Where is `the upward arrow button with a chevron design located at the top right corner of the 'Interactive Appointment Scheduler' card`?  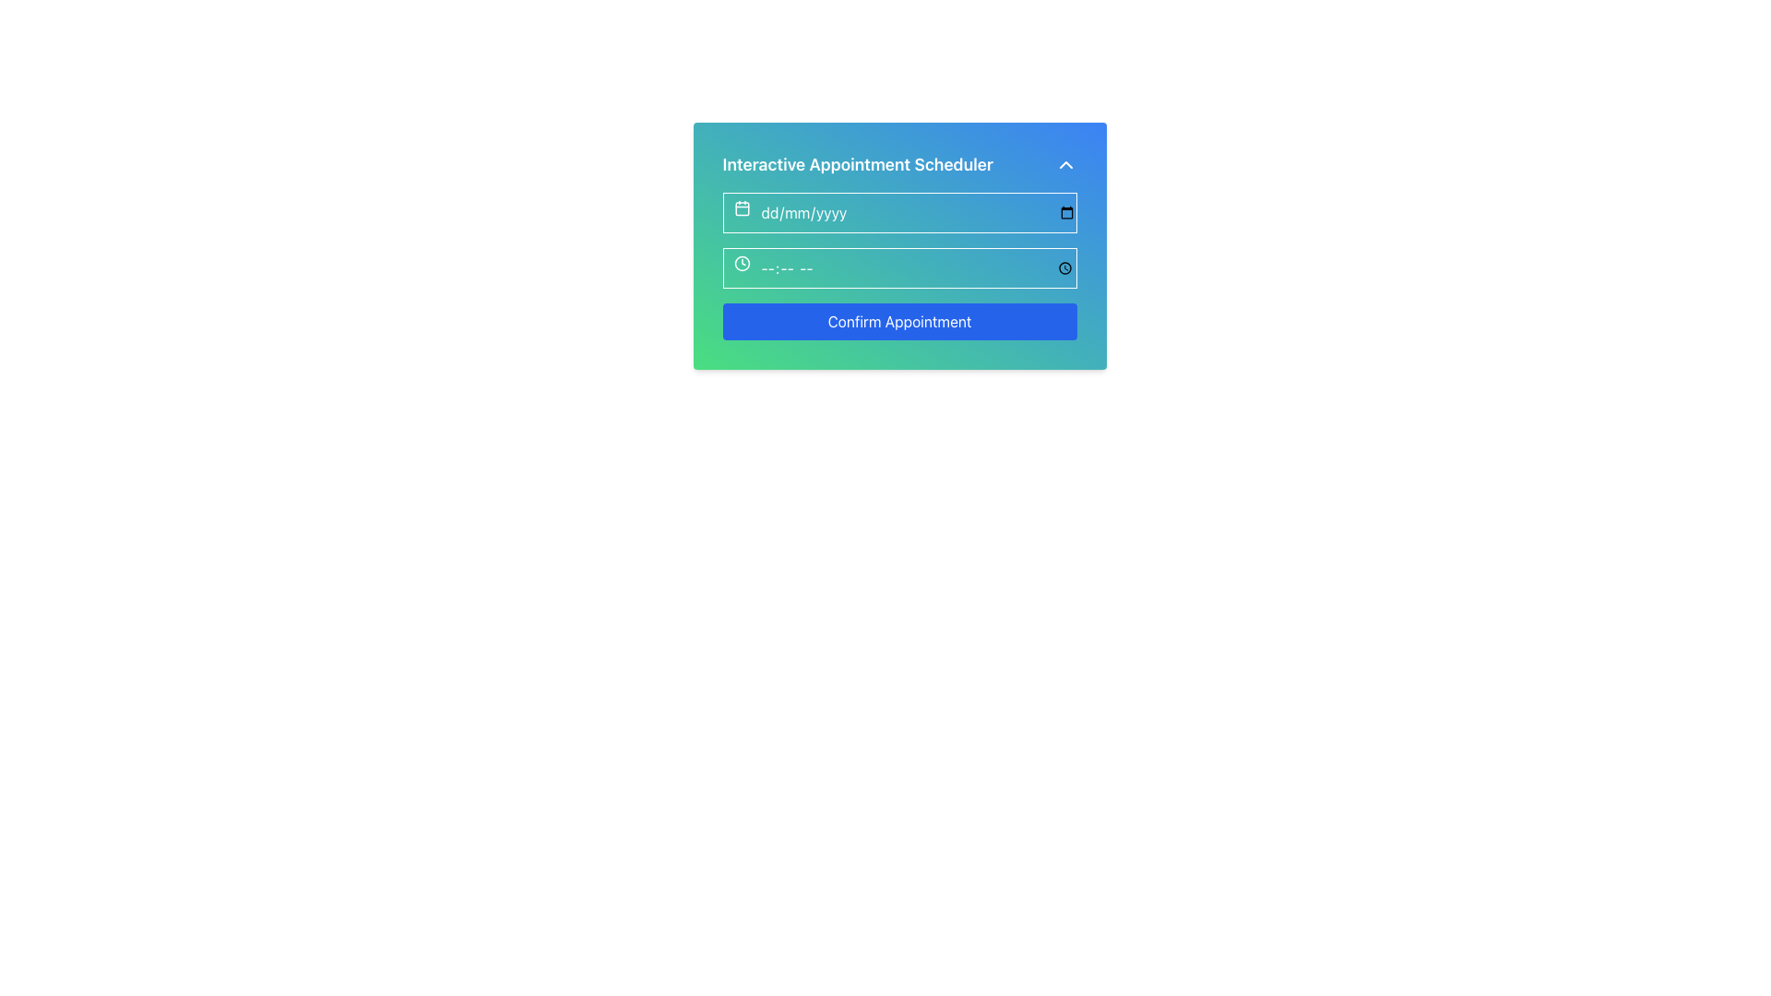
the upward arrow button with a chevron design located at the top right corner of the 'Interactive Appointment Scheduler' card is located at coordinates (1065, 163).